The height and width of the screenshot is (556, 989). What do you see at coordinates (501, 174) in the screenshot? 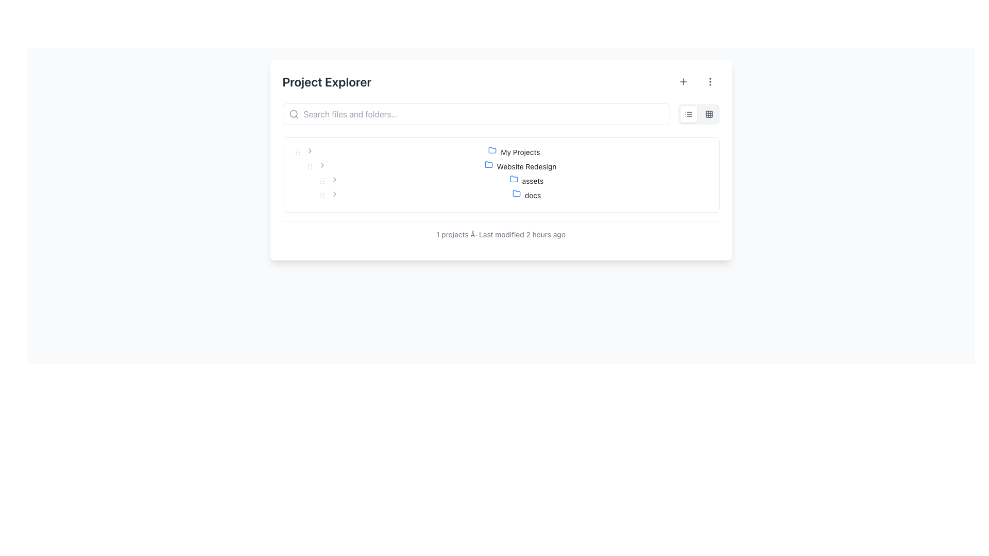
I see `the Tree View element located in the 'Project Explorer' section, which allows users to navigate through project folders and files` at bounding box center [501, 174].